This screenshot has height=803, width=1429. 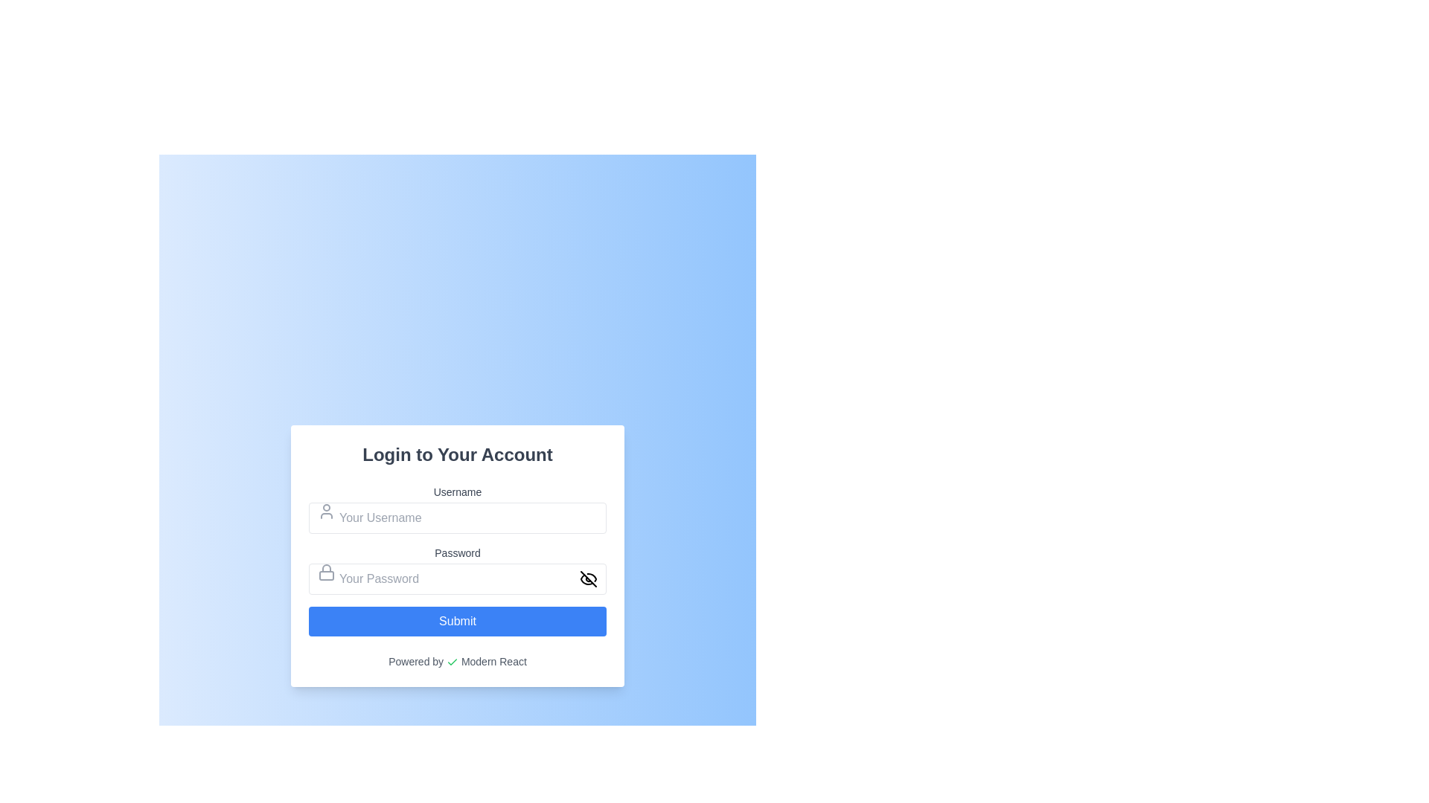 I want to click on the heading text element at the top-center of the login form, which introduces the purpose of the form, so click(x=456, y=454).